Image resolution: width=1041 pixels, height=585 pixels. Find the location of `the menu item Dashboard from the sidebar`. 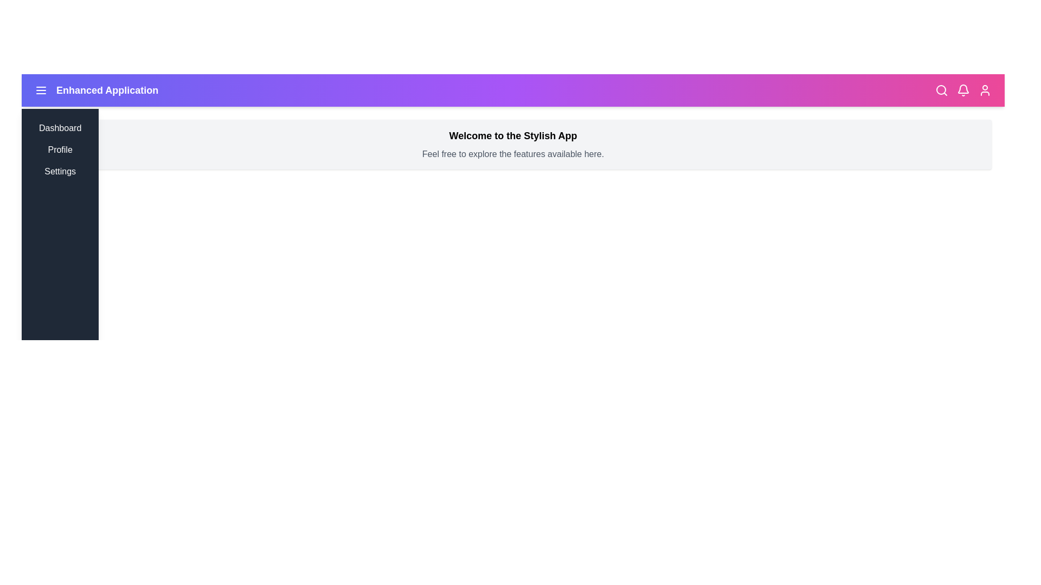

the menu item Dashboard from the sidebar is located at coordinates (59, 127).